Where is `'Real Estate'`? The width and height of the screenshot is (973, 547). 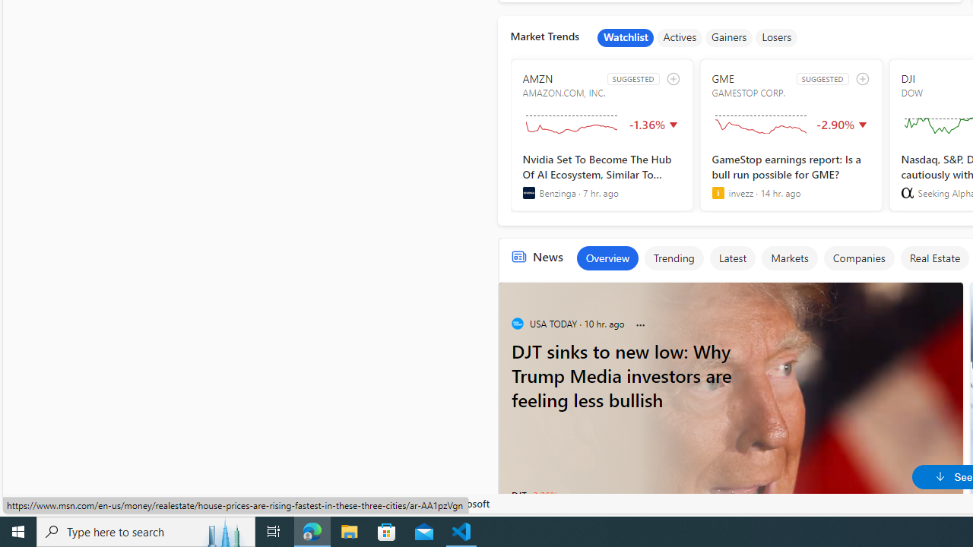 'Real Estate' is located at coordinates (933, 257).